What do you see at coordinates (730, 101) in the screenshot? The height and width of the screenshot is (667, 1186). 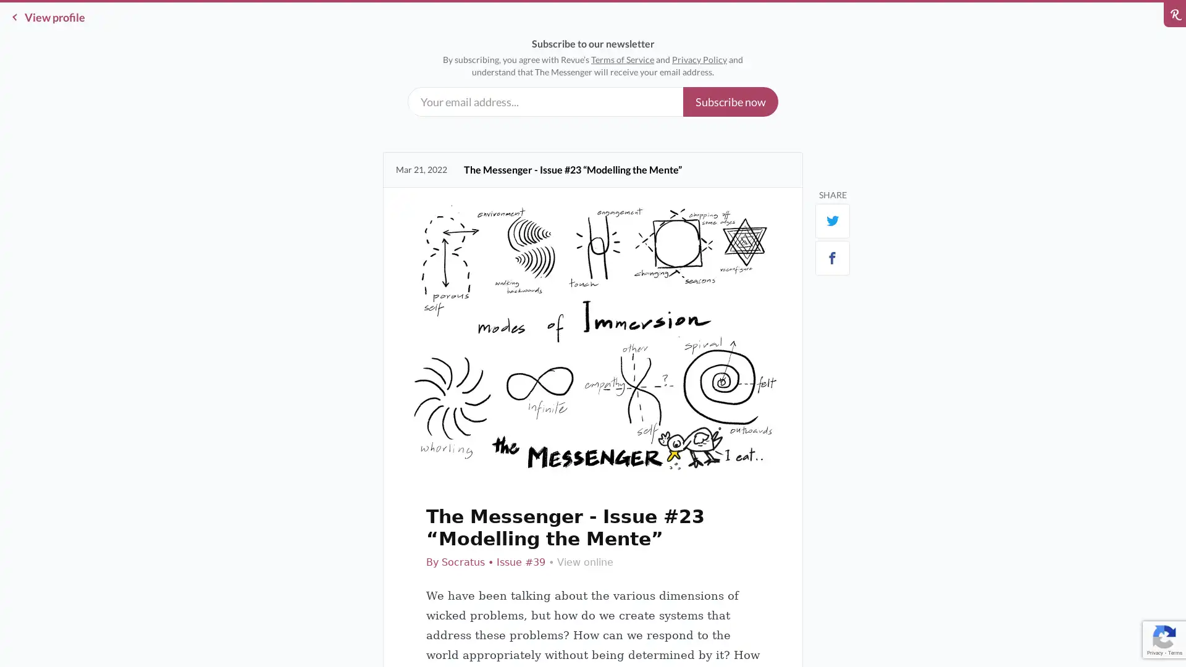 I see `Subscribe now` at bounding box center [730, 101].